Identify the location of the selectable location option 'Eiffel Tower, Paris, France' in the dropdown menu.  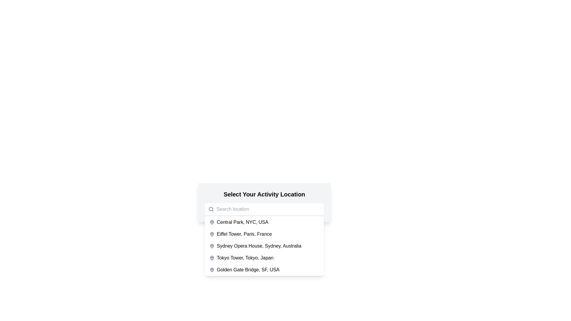
(244, 234).